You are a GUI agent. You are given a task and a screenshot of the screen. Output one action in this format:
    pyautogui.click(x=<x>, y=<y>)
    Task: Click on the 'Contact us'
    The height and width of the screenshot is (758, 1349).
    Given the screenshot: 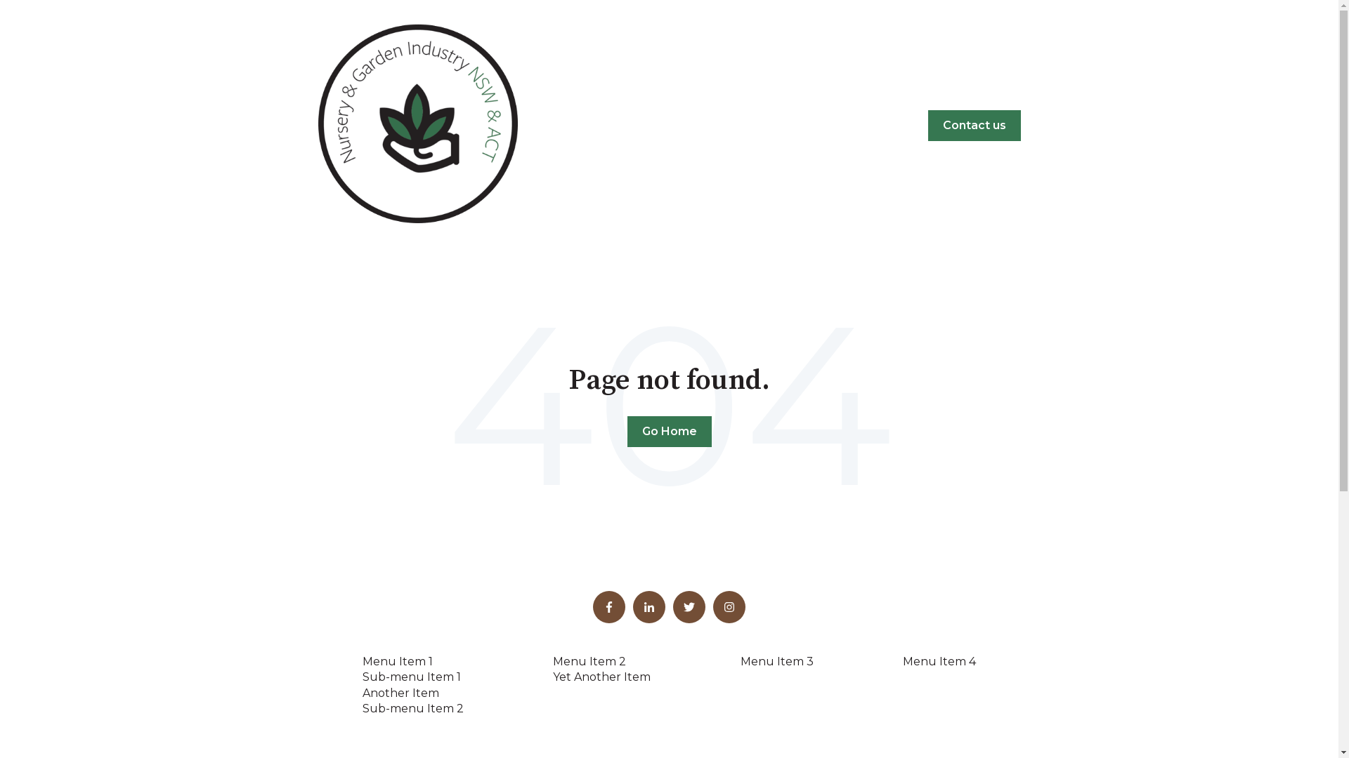 What is the action you would take?
    pyautogui.click(x=927, y=124)
    